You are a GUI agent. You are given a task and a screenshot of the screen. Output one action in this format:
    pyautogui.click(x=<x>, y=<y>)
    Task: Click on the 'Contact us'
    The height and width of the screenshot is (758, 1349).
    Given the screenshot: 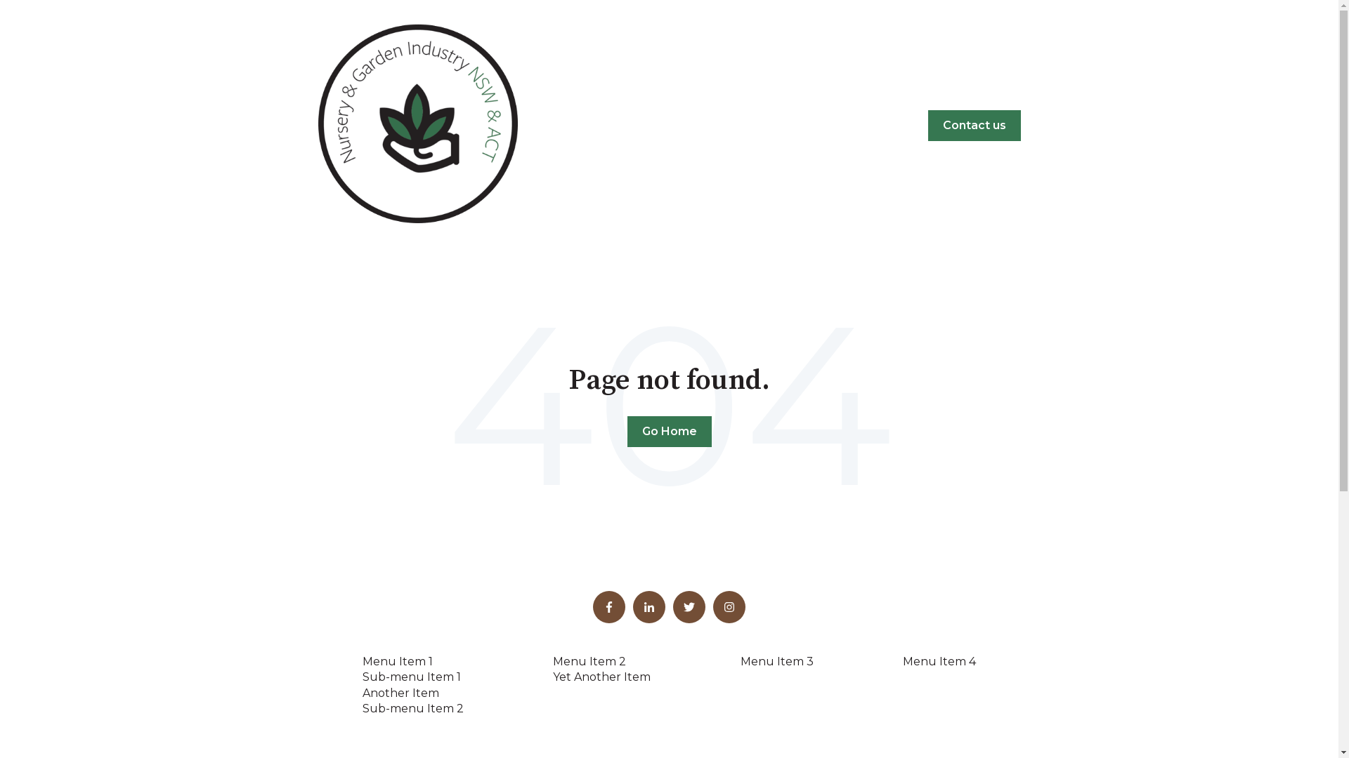 What is the action you would take?
    pyautogui.click(x=927, y=124)
    